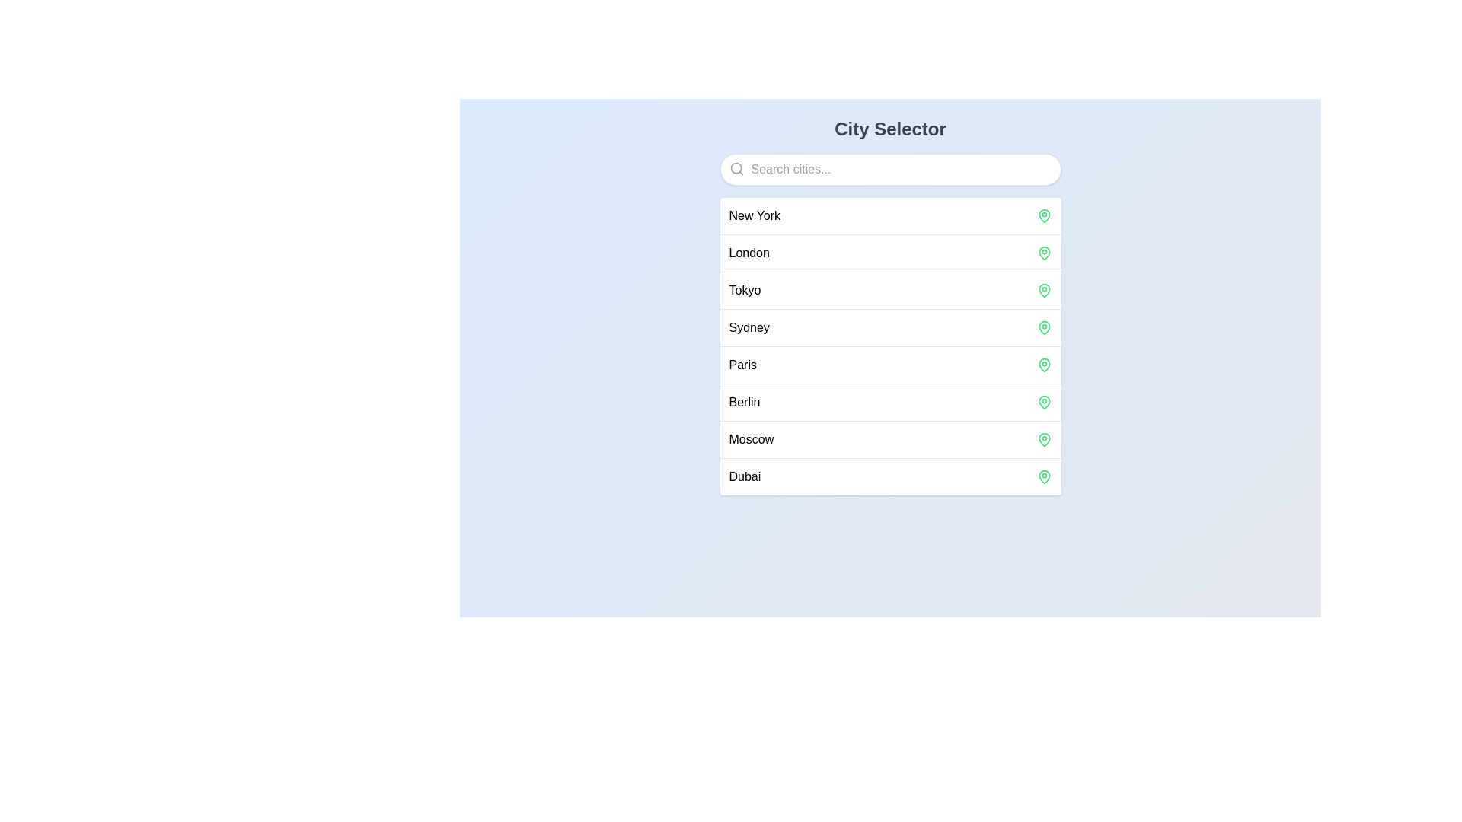  I want to click on the text label reading 'Berlin', so click(744, 401).